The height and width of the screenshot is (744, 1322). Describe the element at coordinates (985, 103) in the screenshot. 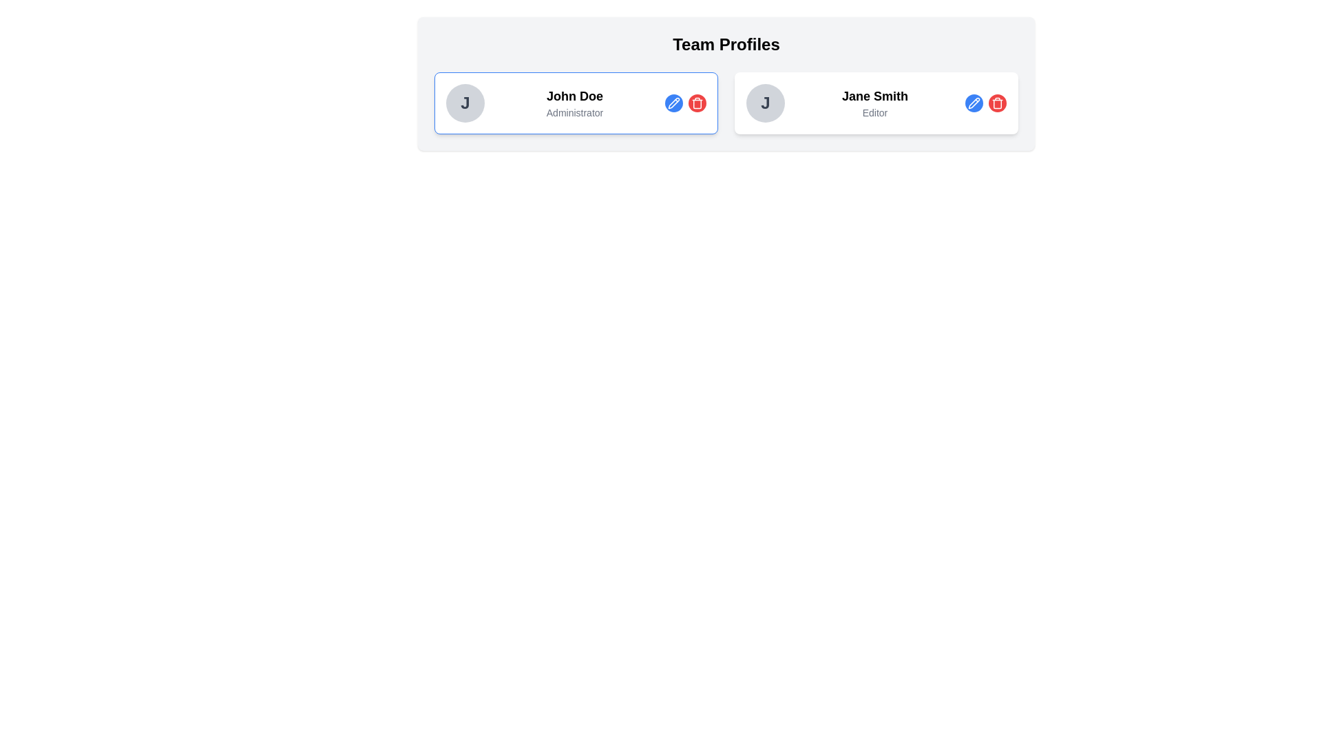

I see `navigation to interact with the action button group containing a blue pencil icon button and a red trash can icon button located to the right of 'Jane Smith' and 'Editor' in the second card of the 'Team Profiles' section` at that location.